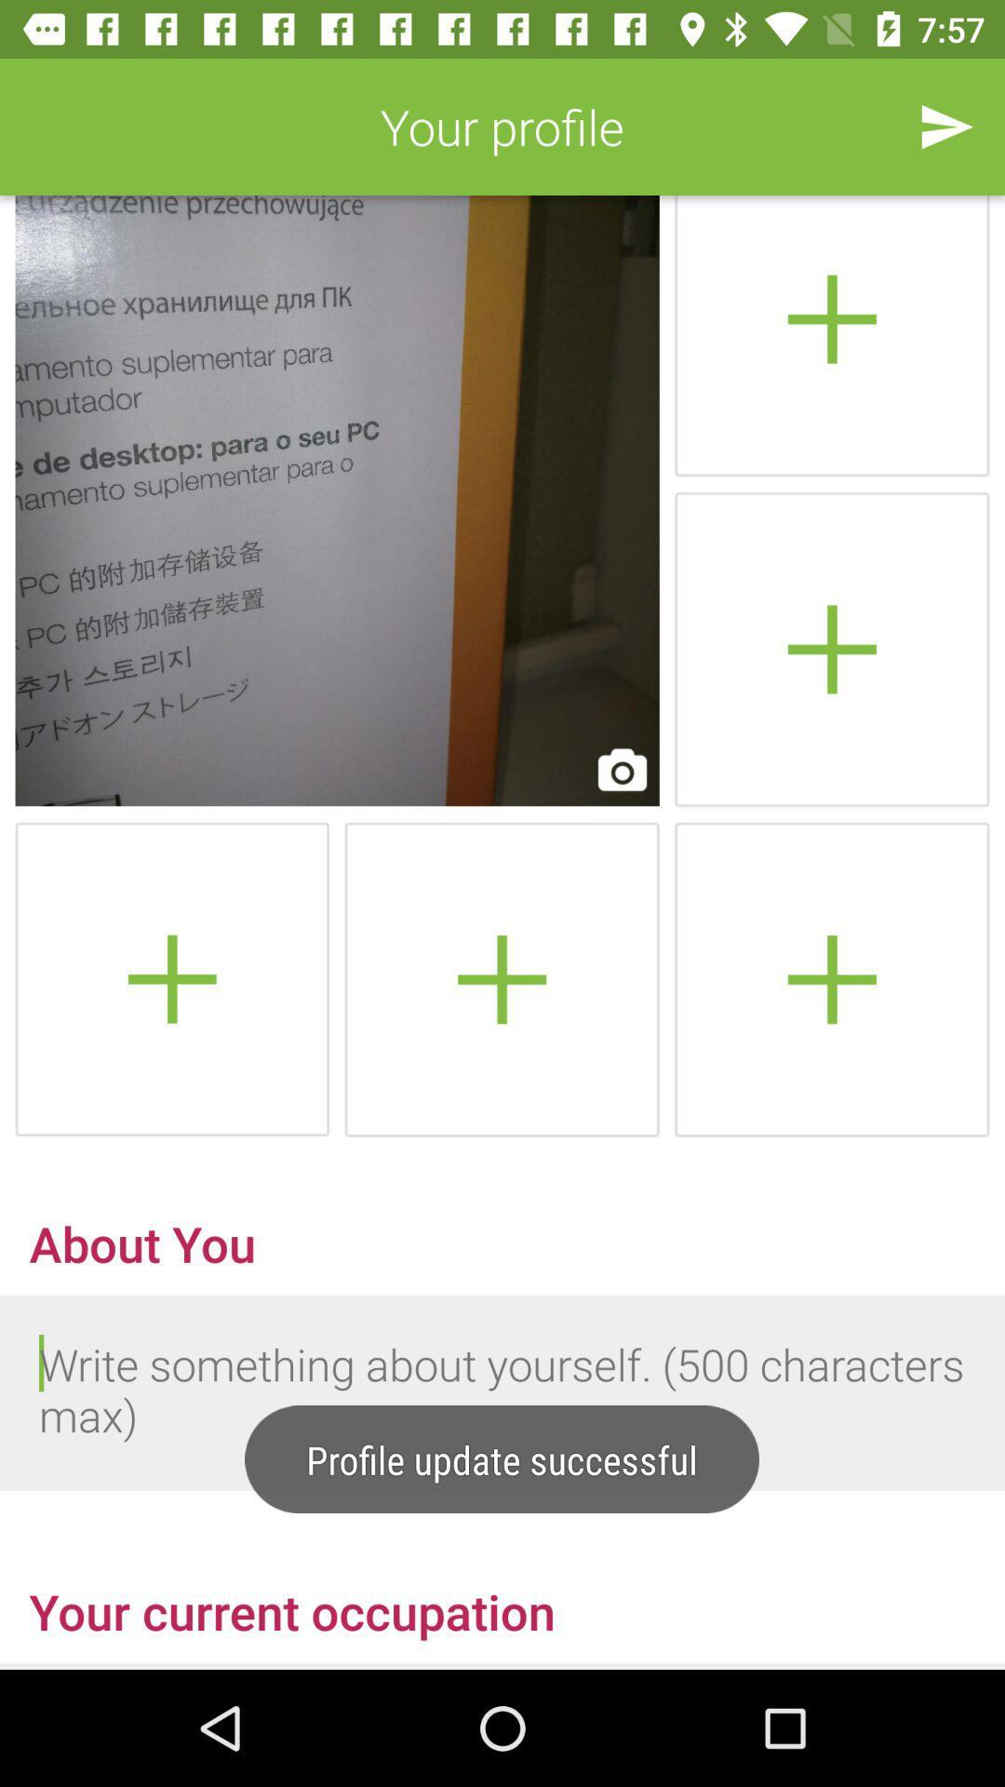 Image resolution: width=1005 pixels, height=1787 pixels. What do you see at coordinates (502, 1393) in the screenshot?
I see `description` at bounding box center [502, 1393].